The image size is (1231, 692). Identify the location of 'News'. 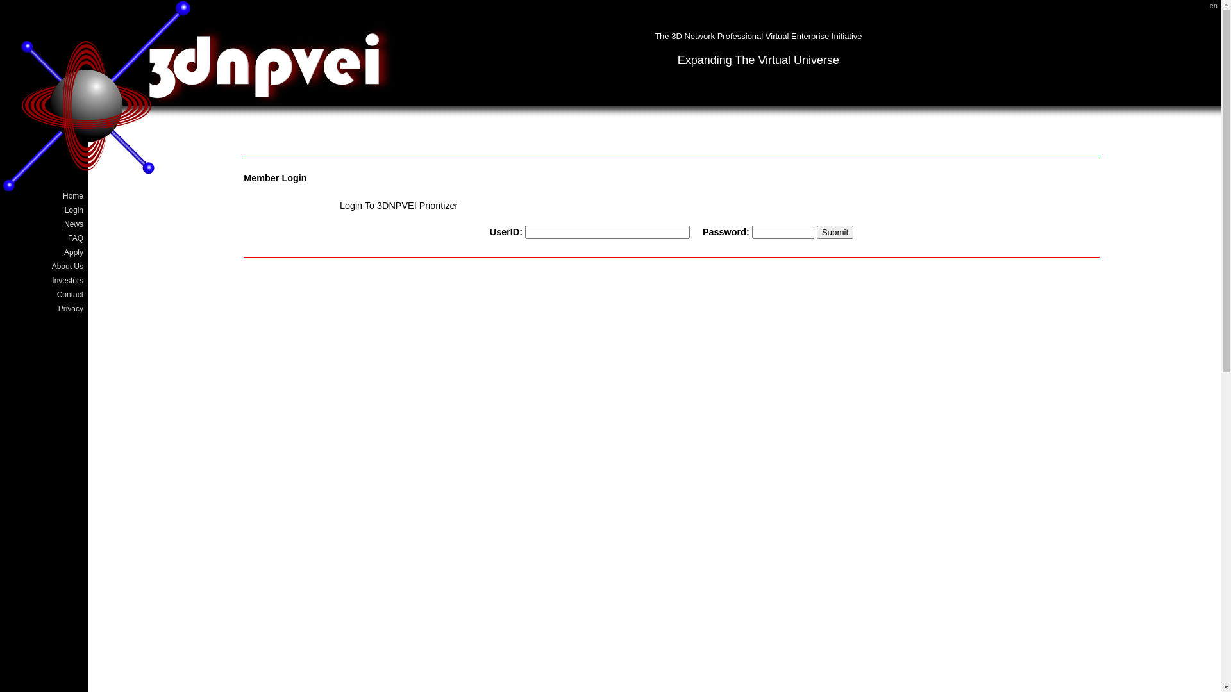
(45, 224).